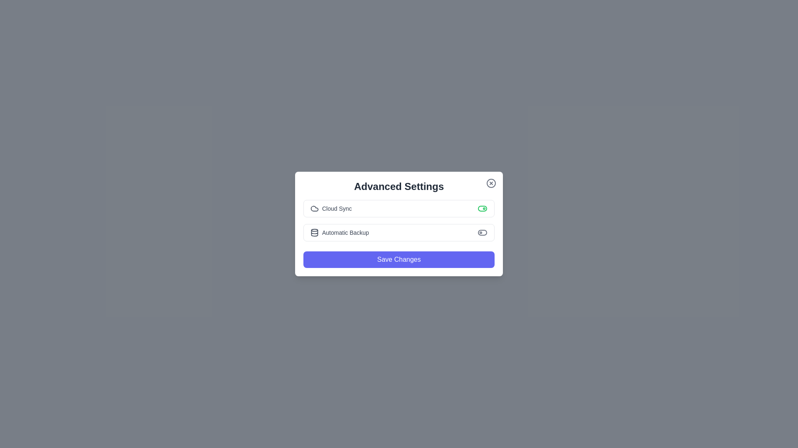 The width and height of the screenshot is (798, 448). Describe the element at coordinates (491, 183) in the screenshot. I see `the close button, which is a circular gray icon with a cross mark inside, located at the top-right corner of the 'Advanced Settings' modal` at that location.